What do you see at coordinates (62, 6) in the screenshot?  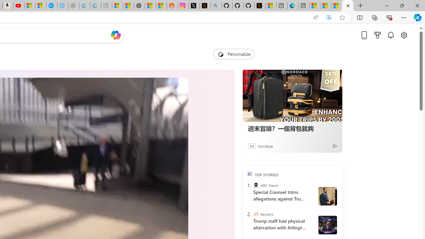 I see `'The most popular Google '` at bounding box center [62, 6].